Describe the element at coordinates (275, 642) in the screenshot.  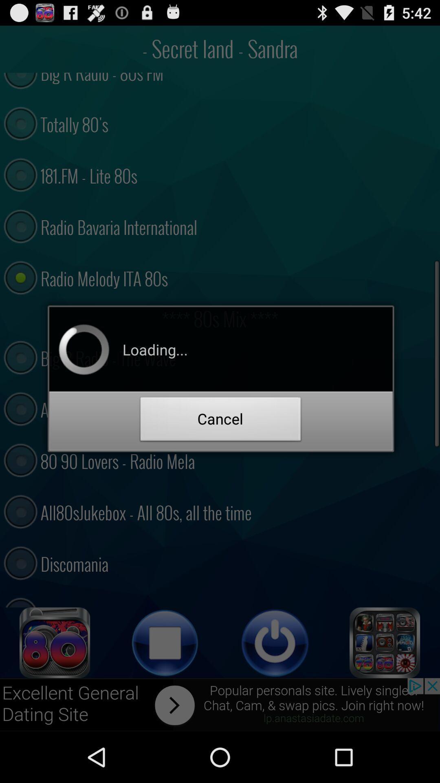
I see `power` at that location.